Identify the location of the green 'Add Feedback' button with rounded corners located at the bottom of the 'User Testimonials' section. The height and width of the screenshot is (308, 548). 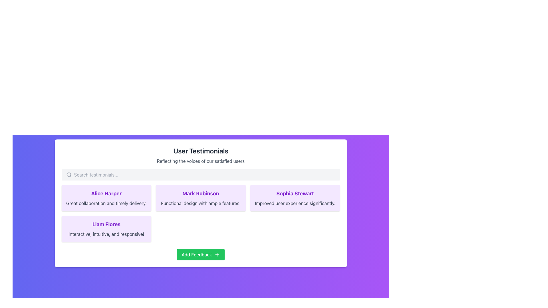
(201, 254).